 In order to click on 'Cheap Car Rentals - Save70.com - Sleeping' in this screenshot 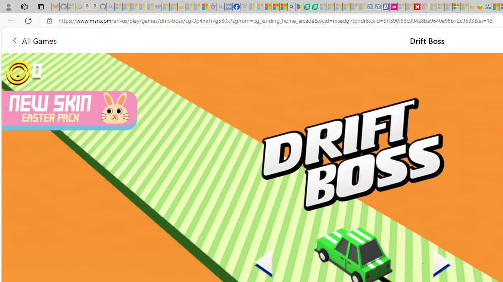, I will do `click(369, 7)`.